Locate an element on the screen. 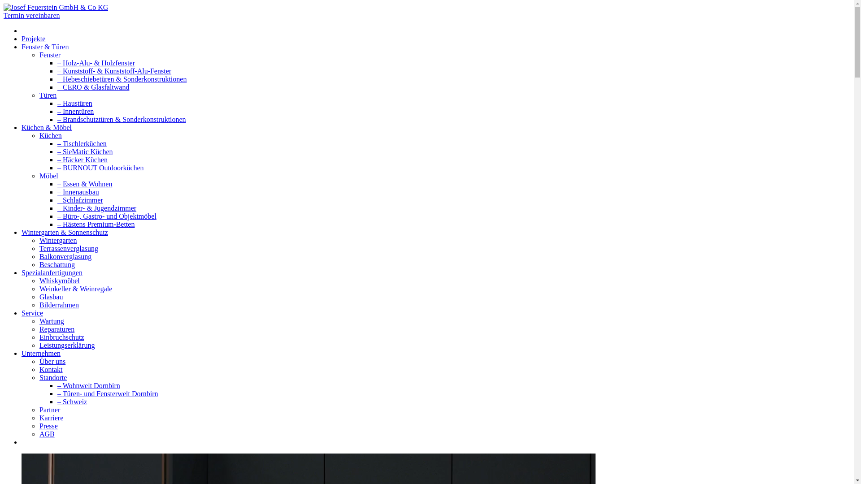  'Kontakt' is located at coordinates (39, 369).